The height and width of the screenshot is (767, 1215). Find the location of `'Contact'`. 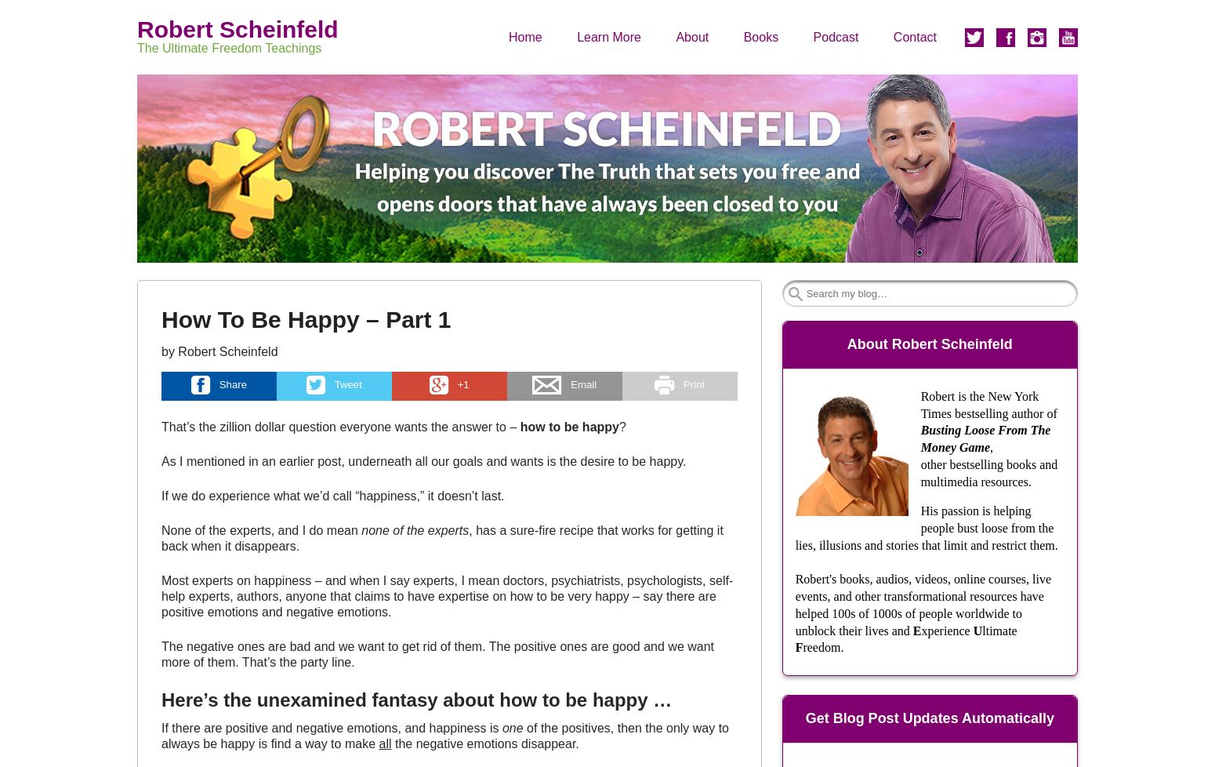

'Contact' is located at coordinates (914, 36).